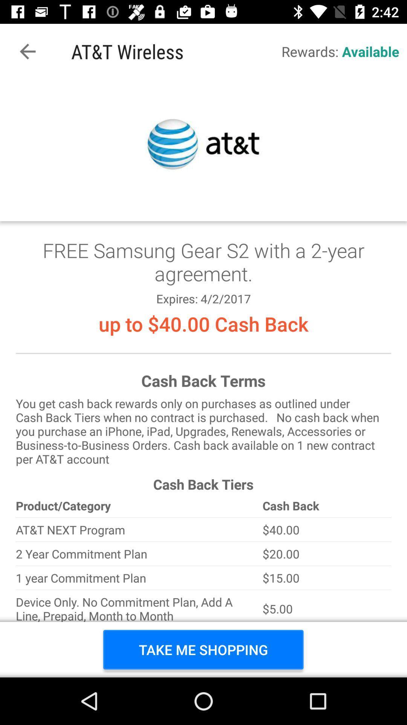  I want to click on the item below device only no icon, so click(203, 649).